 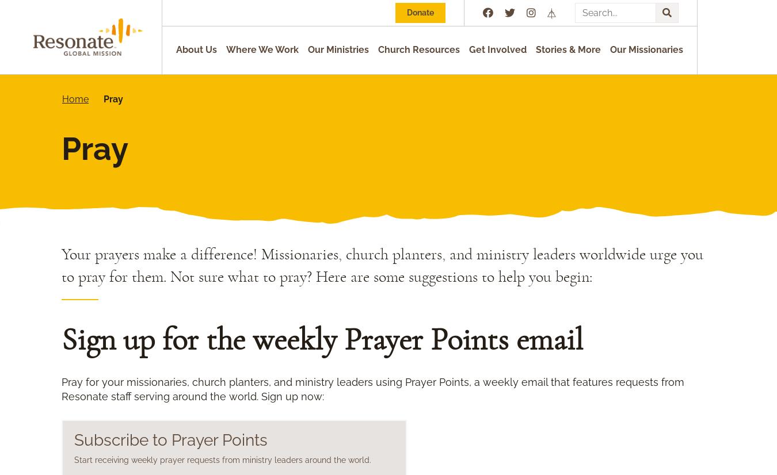 I want to click on 'Pray that the CRCNA will be faithful and generous in its financial support of missions.', so click(x=298, y=431).